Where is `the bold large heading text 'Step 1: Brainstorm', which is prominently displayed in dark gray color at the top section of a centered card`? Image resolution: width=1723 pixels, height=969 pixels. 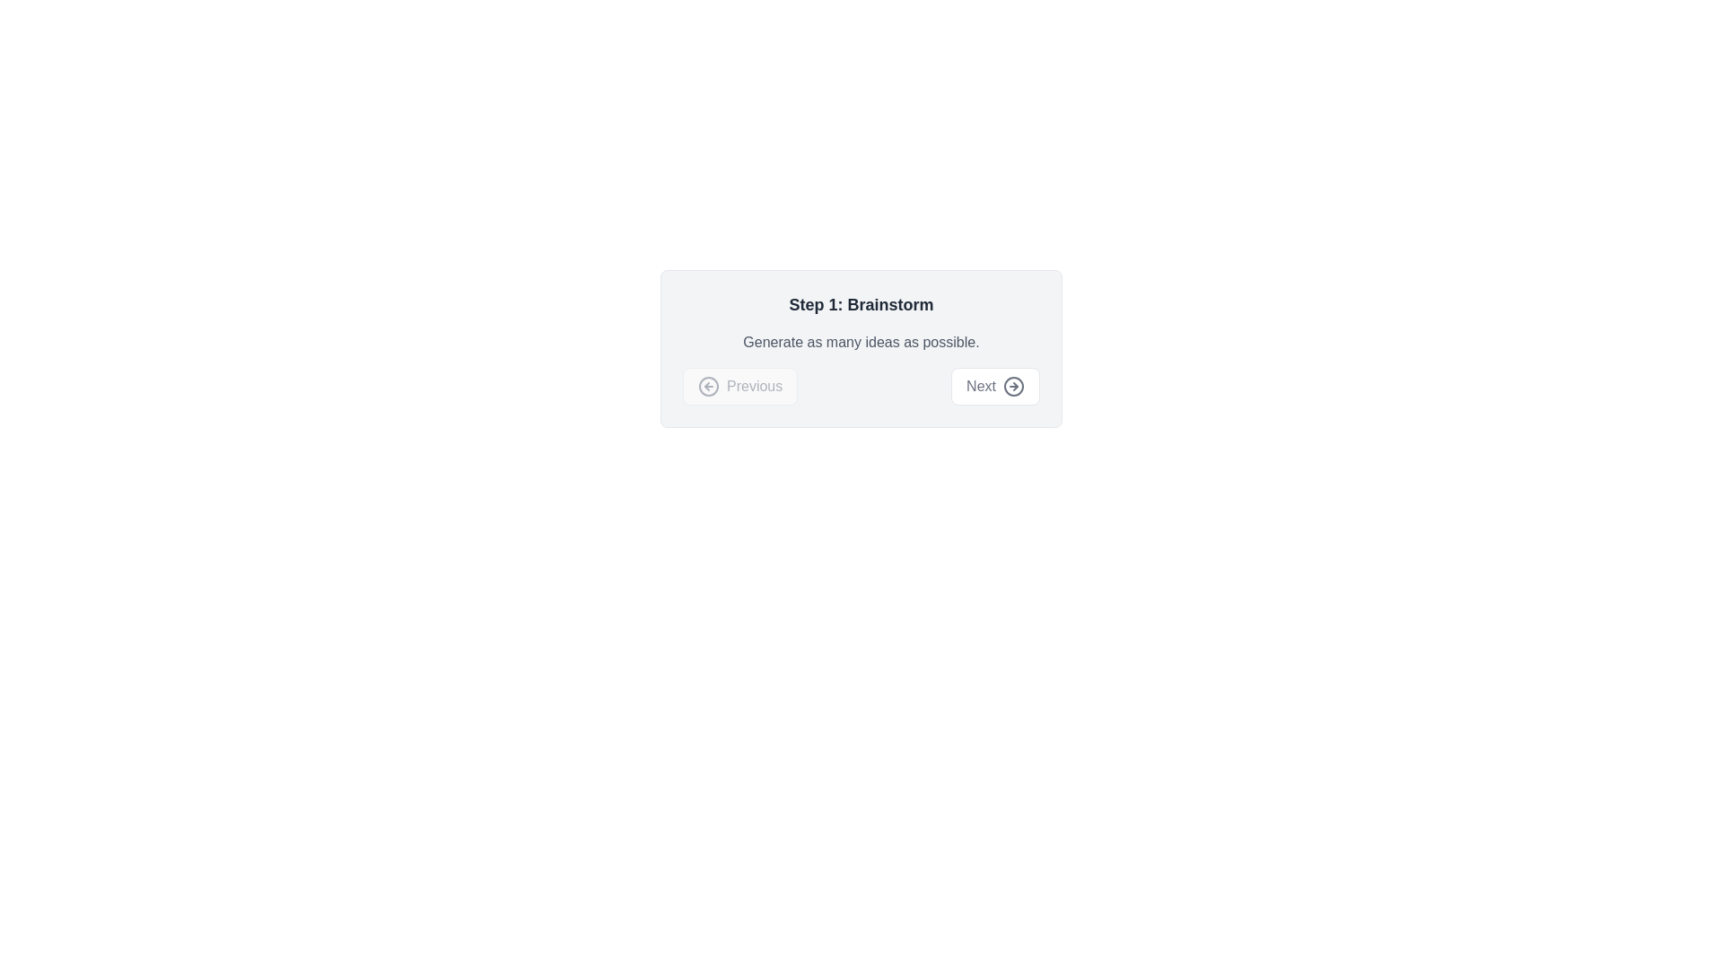 the bold large heading text 'Step 1: Brainstorm', which is prominently displayed in dark gray color at the top section of a centered card is located at coordinates (861, 303).